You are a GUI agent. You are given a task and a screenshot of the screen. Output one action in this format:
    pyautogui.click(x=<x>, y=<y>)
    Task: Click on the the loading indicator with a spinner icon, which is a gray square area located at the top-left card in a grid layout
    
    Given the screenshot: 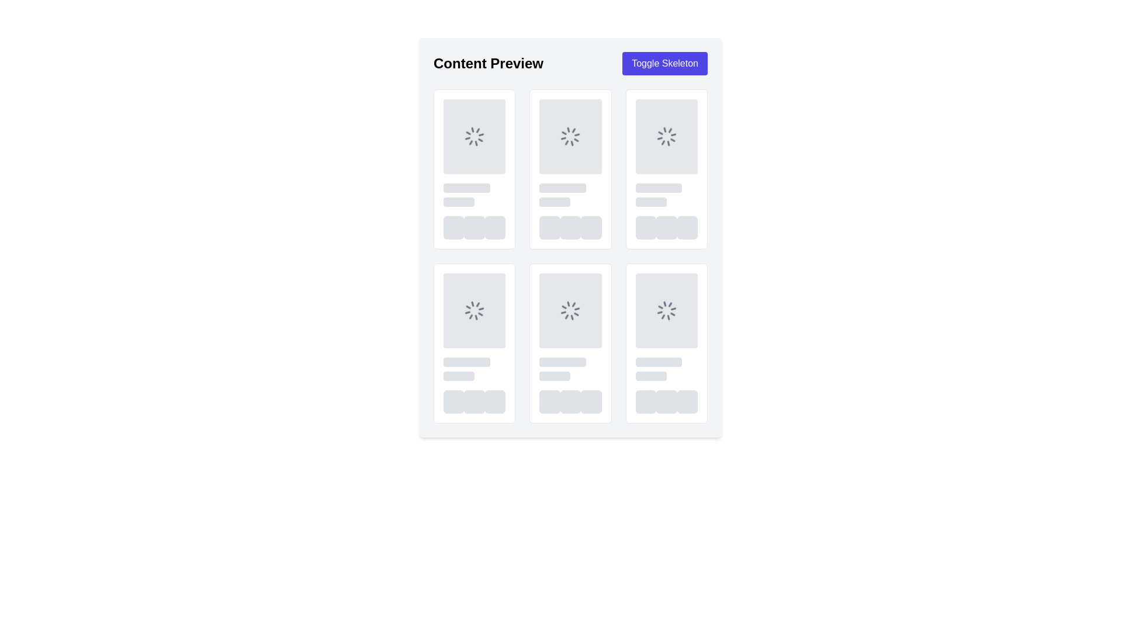 What is the action you would take?
    pyautogui.click(x=475, y=136)
    